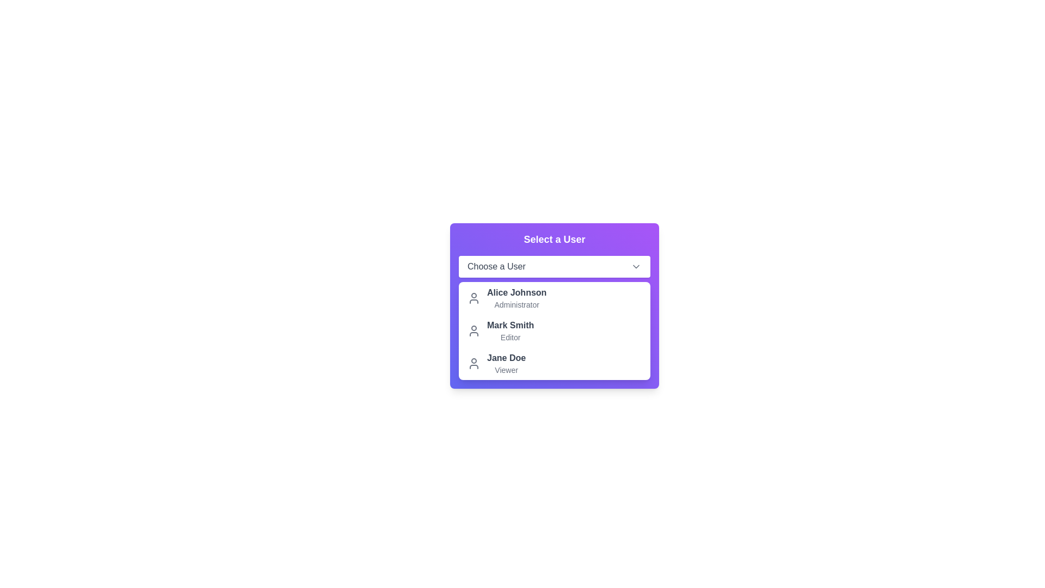 The image size is (1045, 588). I want to click on the text element displaying 'Alice Johnson' in bold typography, so click(516, 292).